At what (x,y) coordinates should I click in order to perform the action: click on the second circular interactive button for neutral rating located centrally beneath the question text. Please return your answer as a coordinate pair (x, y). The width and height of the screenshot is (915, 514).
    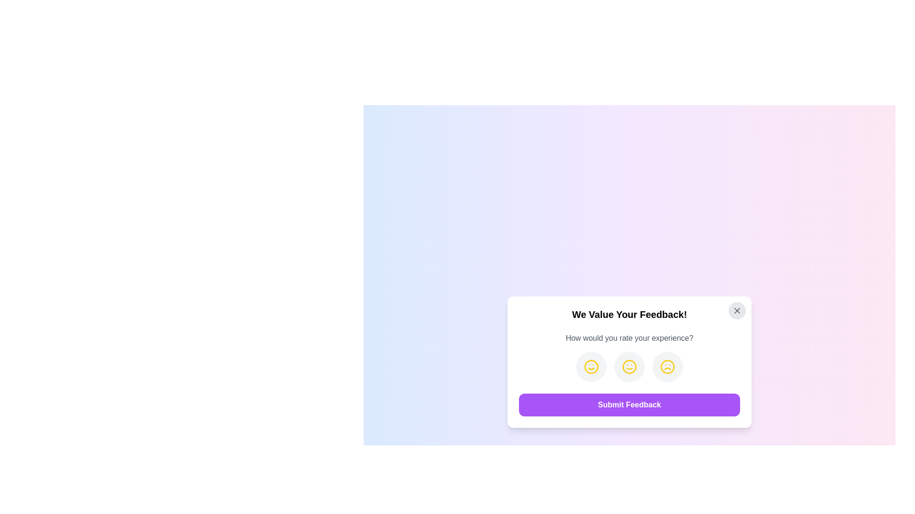
    Looking at the image, I should click on (629, 366).